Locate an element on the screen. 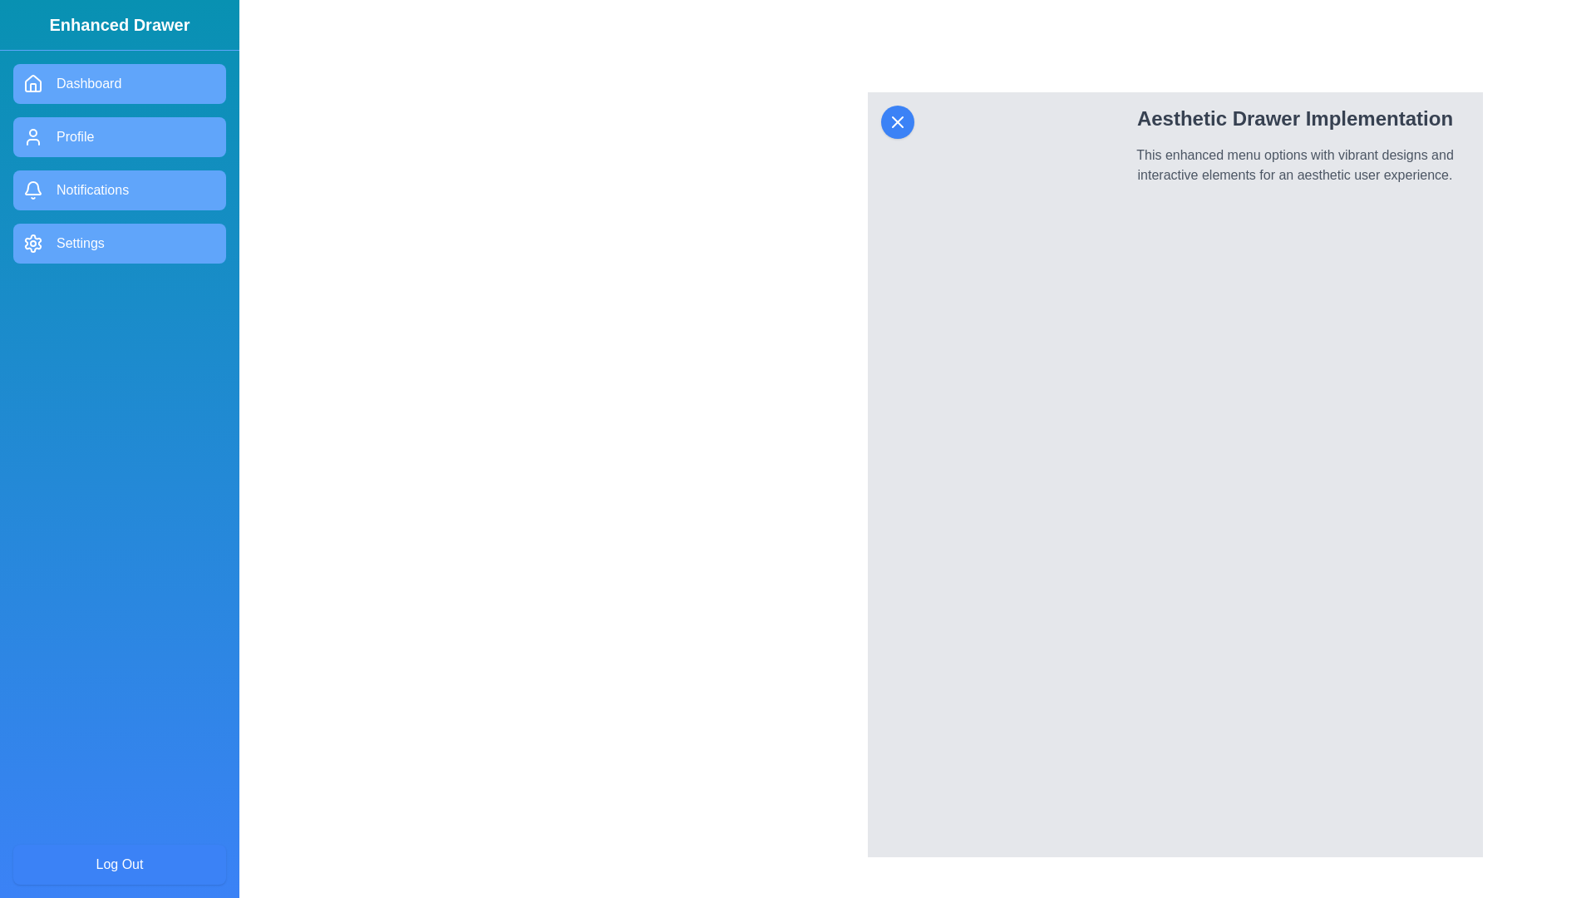 The image size is (1596, 898). the 'X' icon within the blue circular button located in the top-left corner of the right panel, near the title text 'Aesthetic Drawer Implementation' is located at coordinates (897, 121).